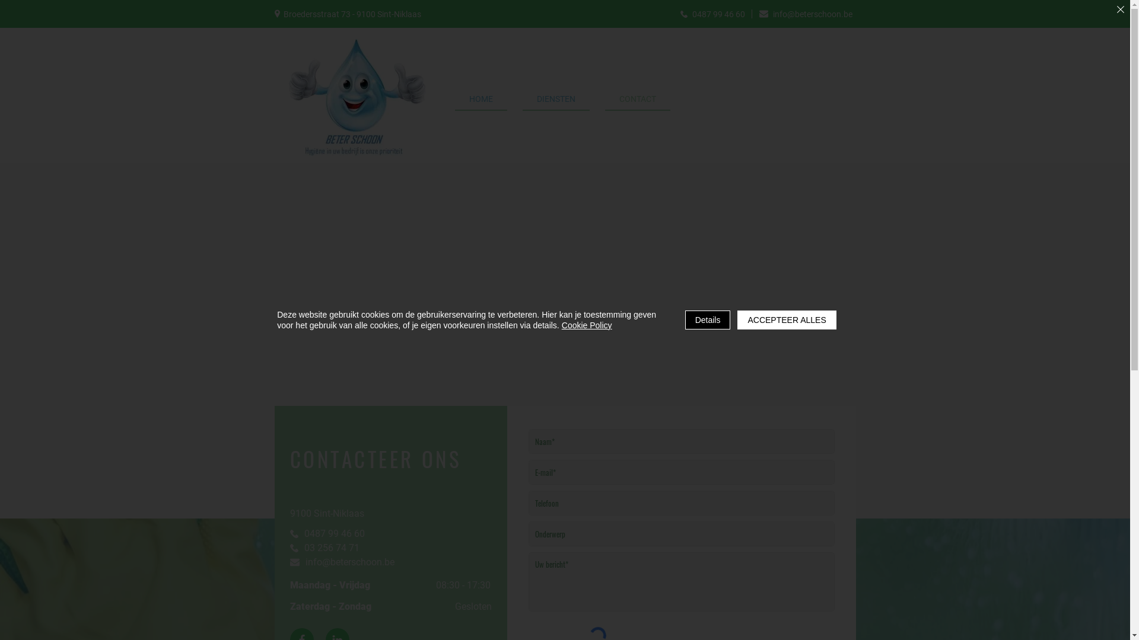 The width and height of the screenshot is (1139, 640). I want to click on 'info@beterschoon.be', so click(346, 561).